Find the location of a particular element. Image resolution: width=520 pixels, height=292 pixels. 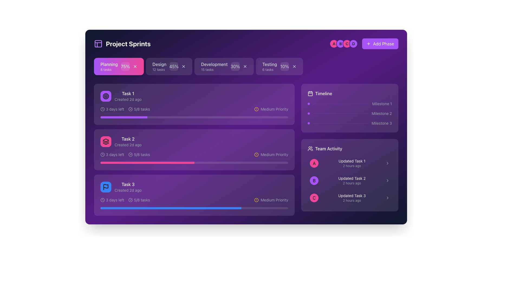

the text label reading 'Medium Priority' which is styled in light typography against a dark purple background, located to the right of the third task's progress bar in the project management interface is located at coordinates (274, 200).